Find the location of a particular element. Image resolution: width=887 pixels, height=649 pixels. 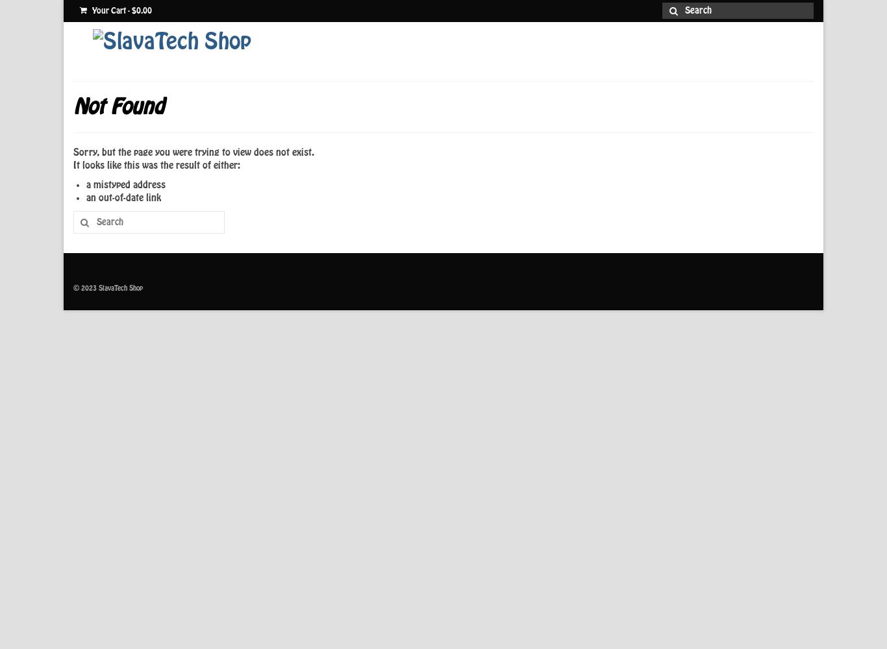

'Home' is located at coordinates (491, 50).